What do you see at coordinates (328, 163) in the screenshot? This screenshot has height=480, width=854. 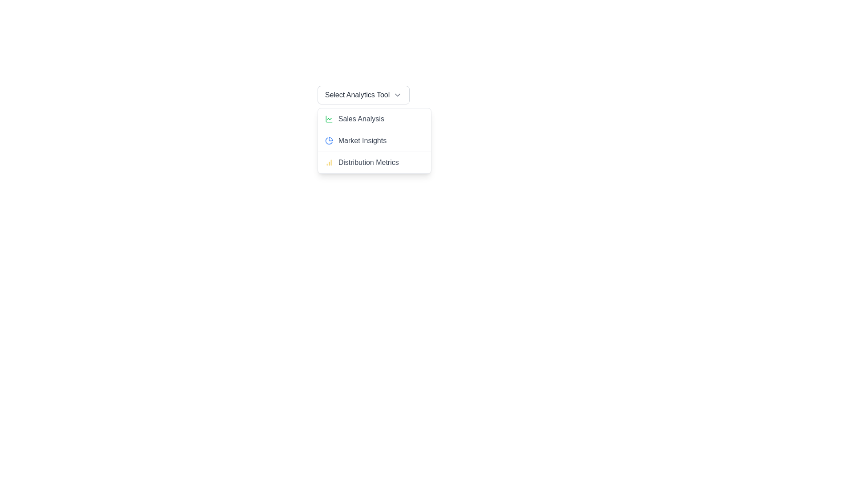 I see `the small, vertically-oriented bar chart icon styled in yellow, located to the left of 'Distribution Metrics' in the third row of the dropdown menu` at bounding box center [328, 163].